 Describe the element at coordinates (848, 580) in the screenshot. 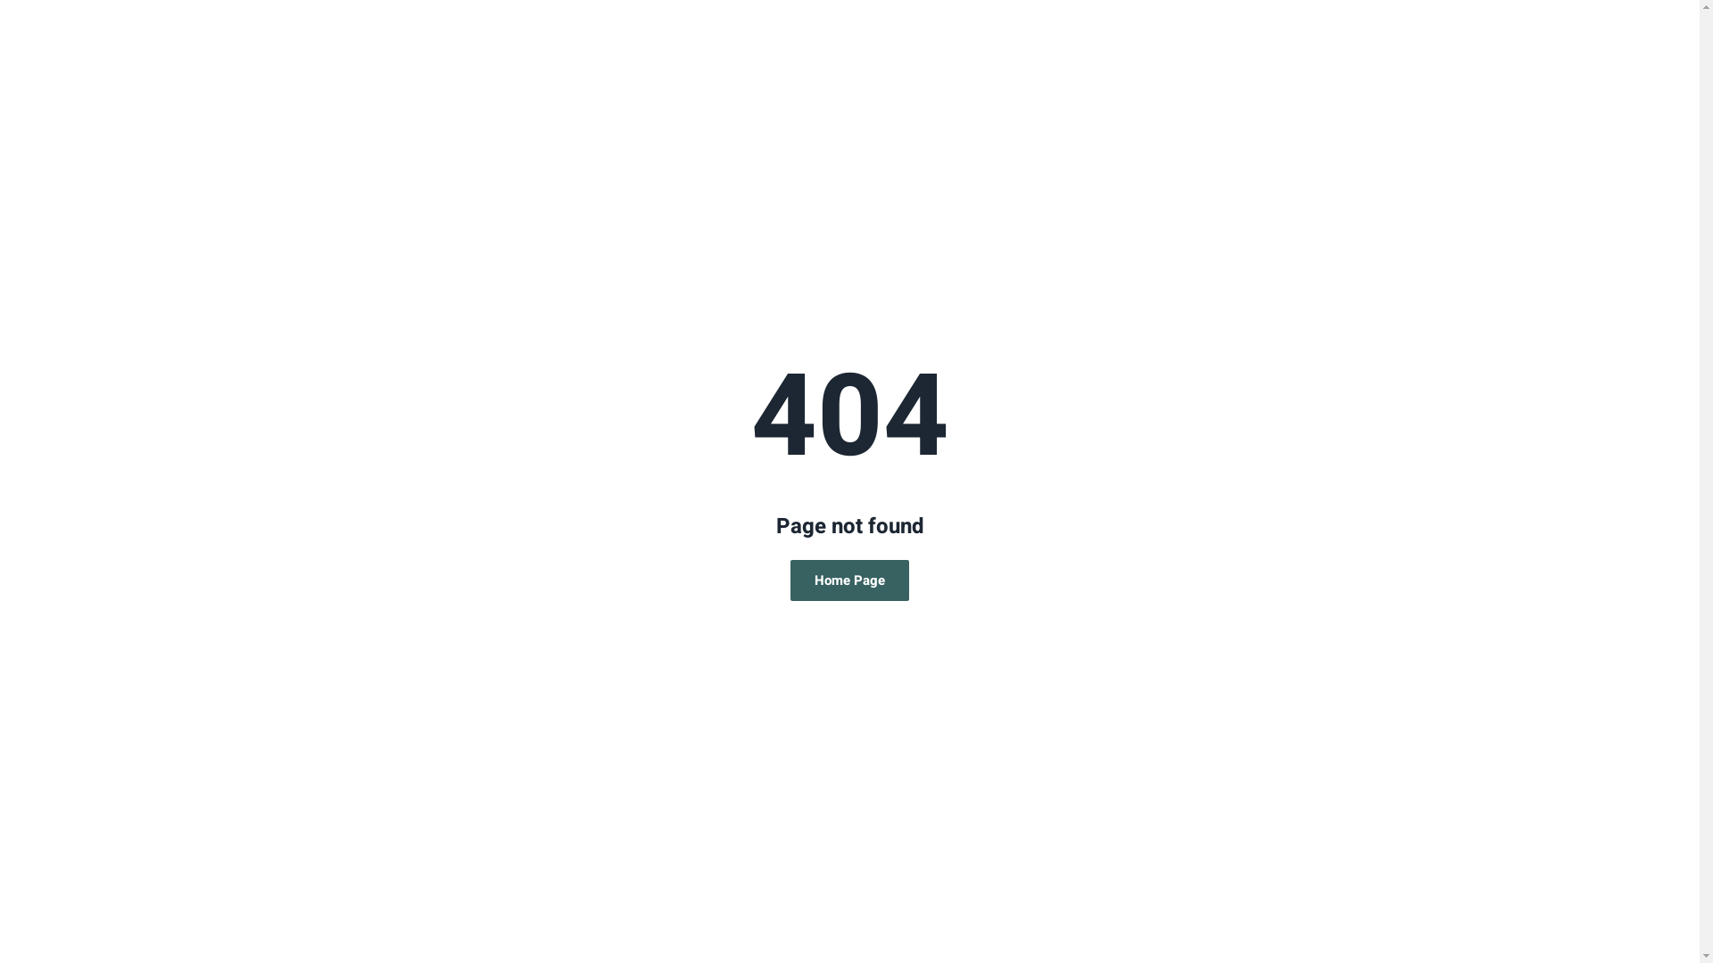

I see `'Home Page'` at that location.